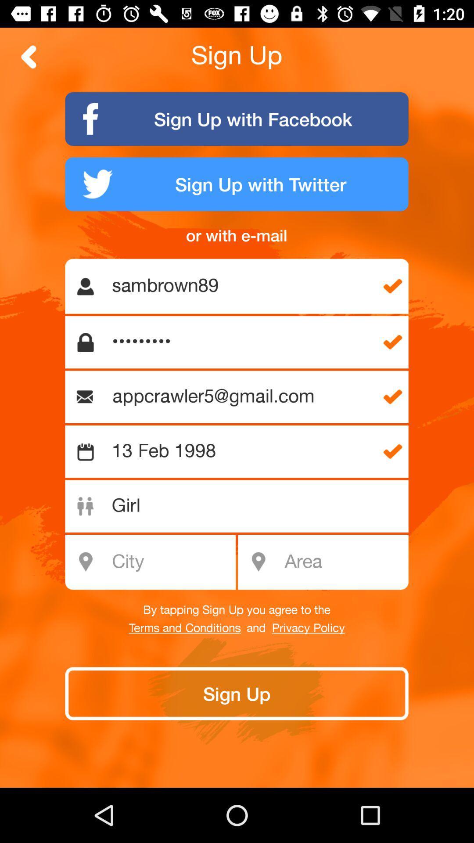 The image size is (474, 843). What do you see at coordinates (241, 451) in the screenshot?
I see `the 13 feb 1998 icon` at bounding box center [241, 451].